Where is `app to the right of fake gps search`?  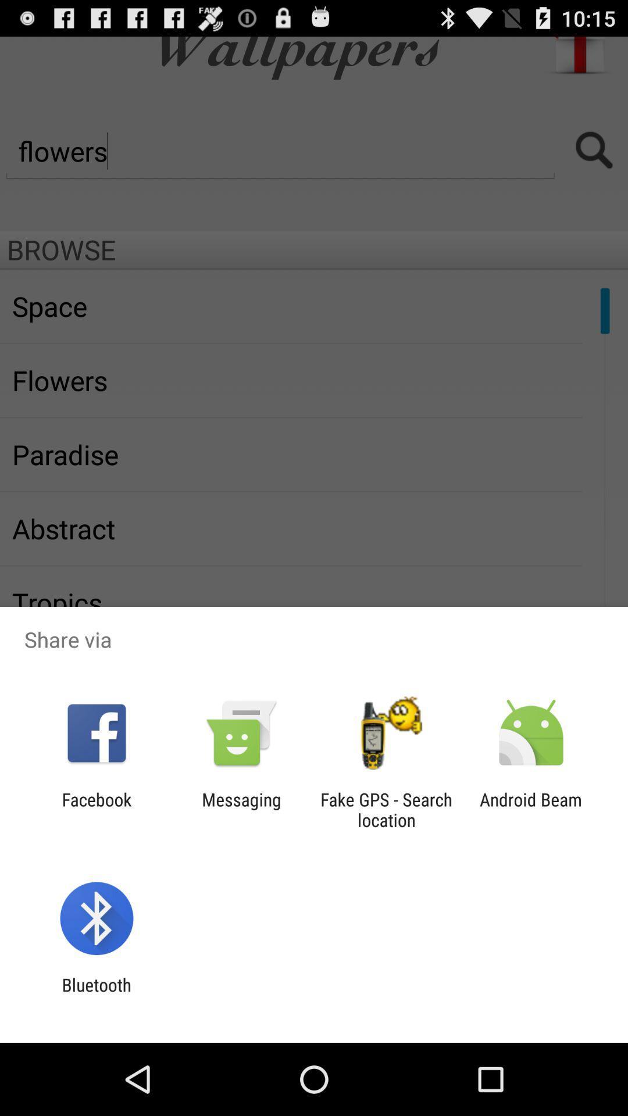 app to the right of fake gps search is located at coordinates (531, 809).